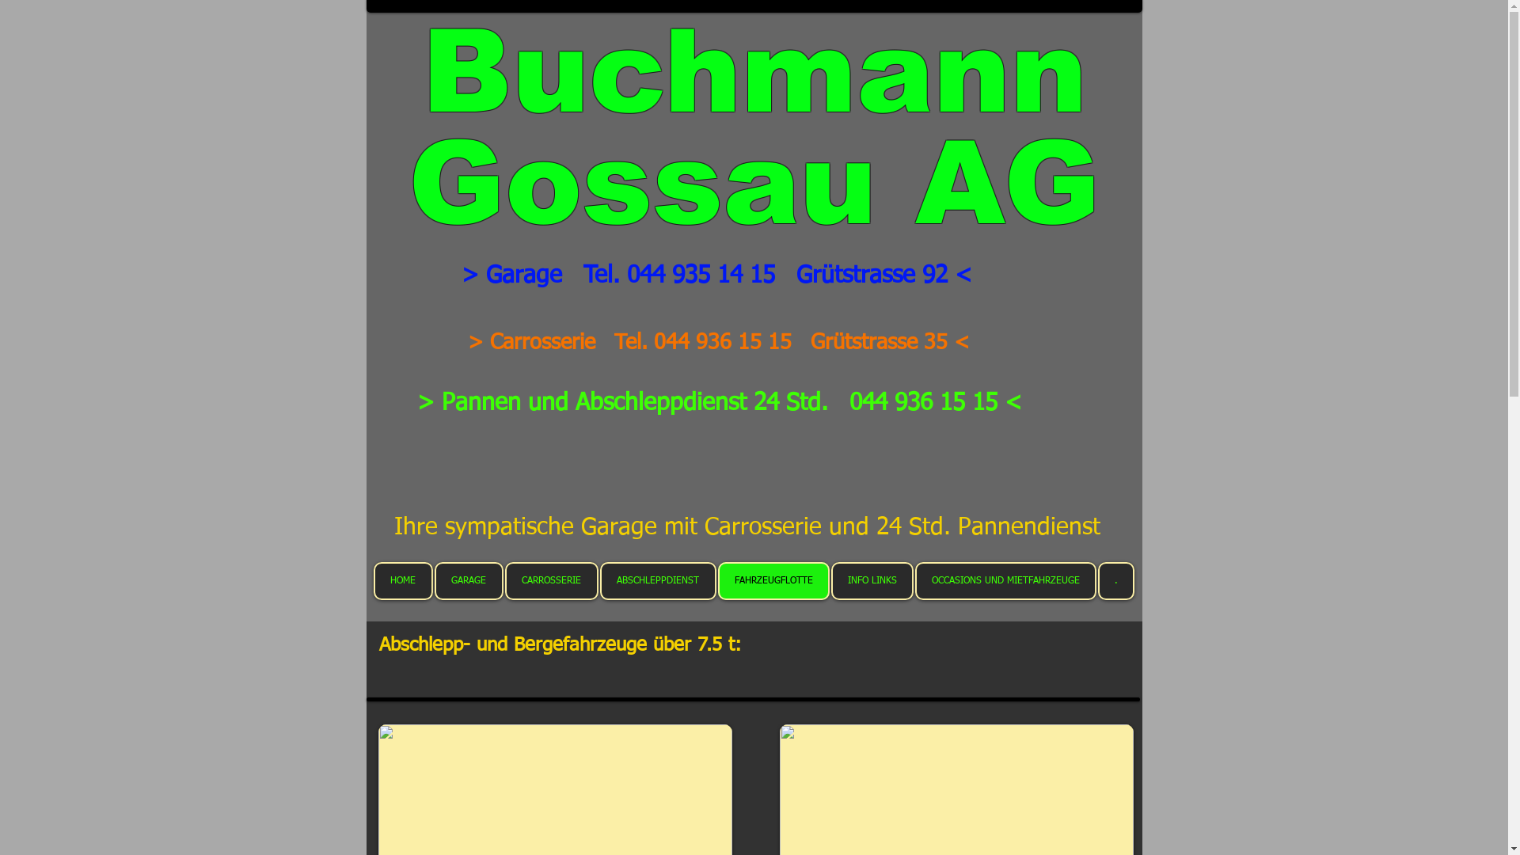  What do you see at coordinates (872, 580) in the screenshot?
I see `'INFO LINKS'` at bounding box center [872, 580].